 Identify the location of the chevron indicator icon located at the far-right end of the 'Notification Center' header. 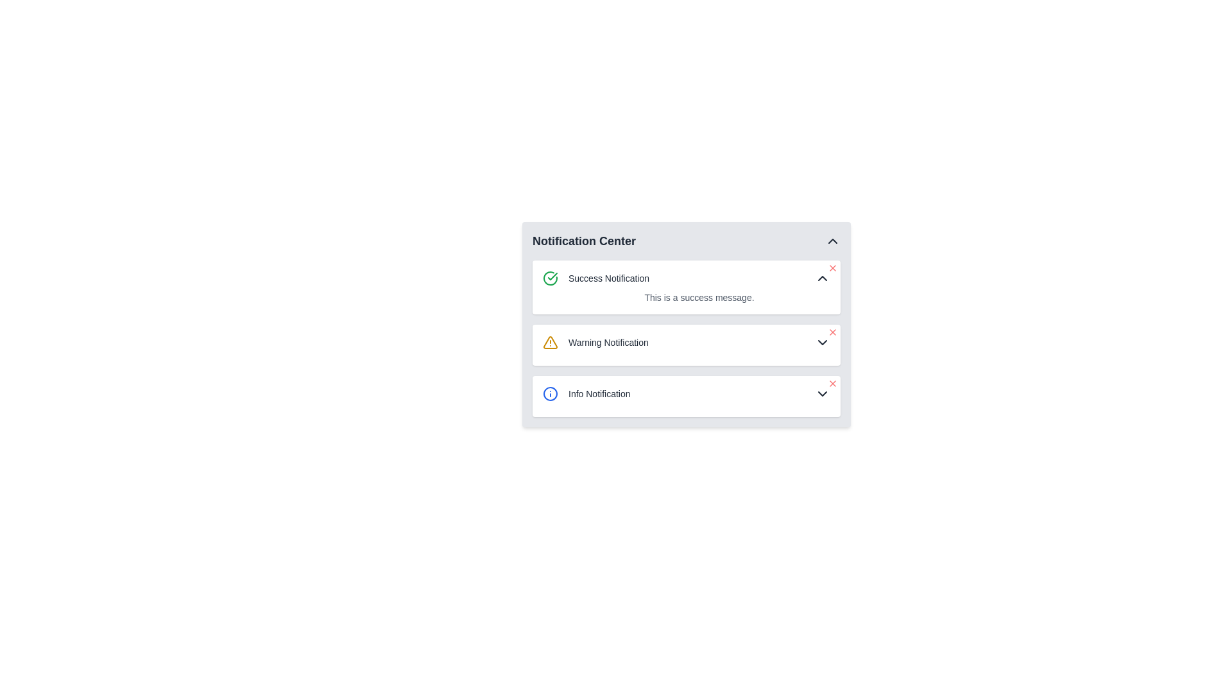
(832, 241).